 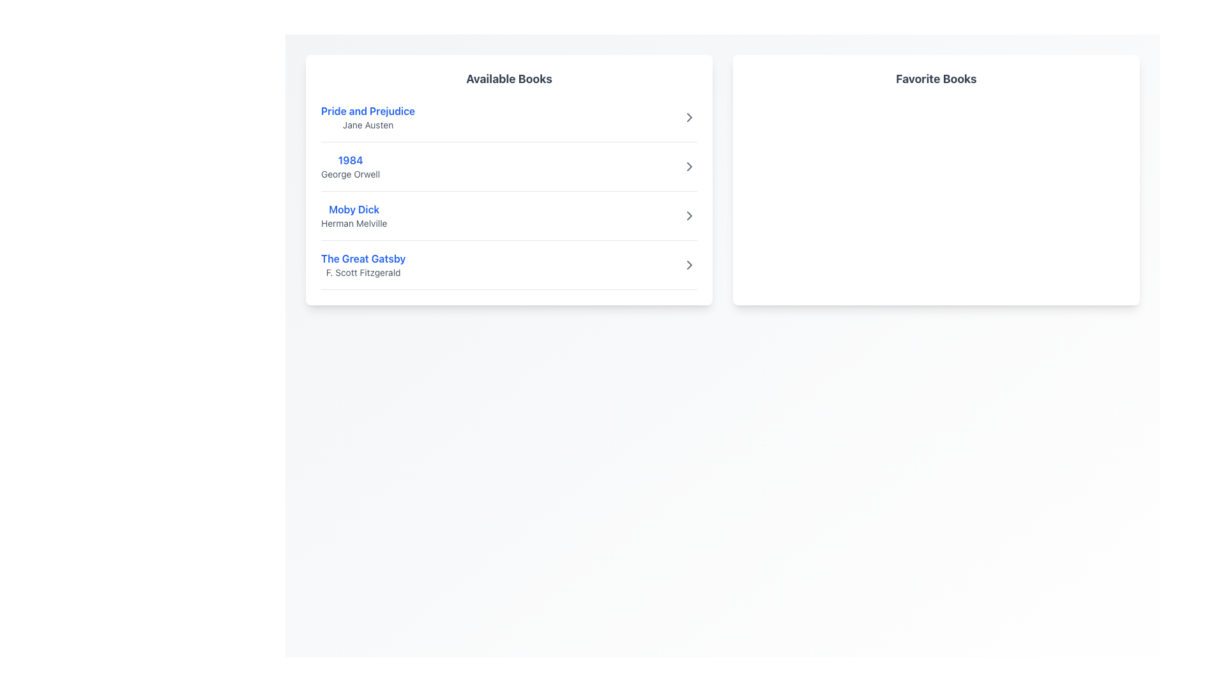 I want to click on the Chevron icon button positioned to the far right of the 'Moby Dick' entry row, adjacent to the text 'Herman Melville', so click(x=689, y=215).